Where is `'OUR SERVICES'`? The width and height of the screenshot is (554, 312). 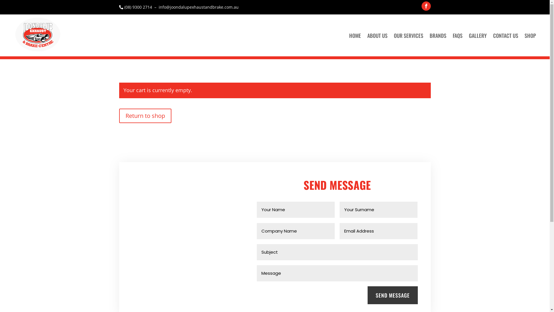 'OUR SERVICES' is located at coordinates (393, 35).